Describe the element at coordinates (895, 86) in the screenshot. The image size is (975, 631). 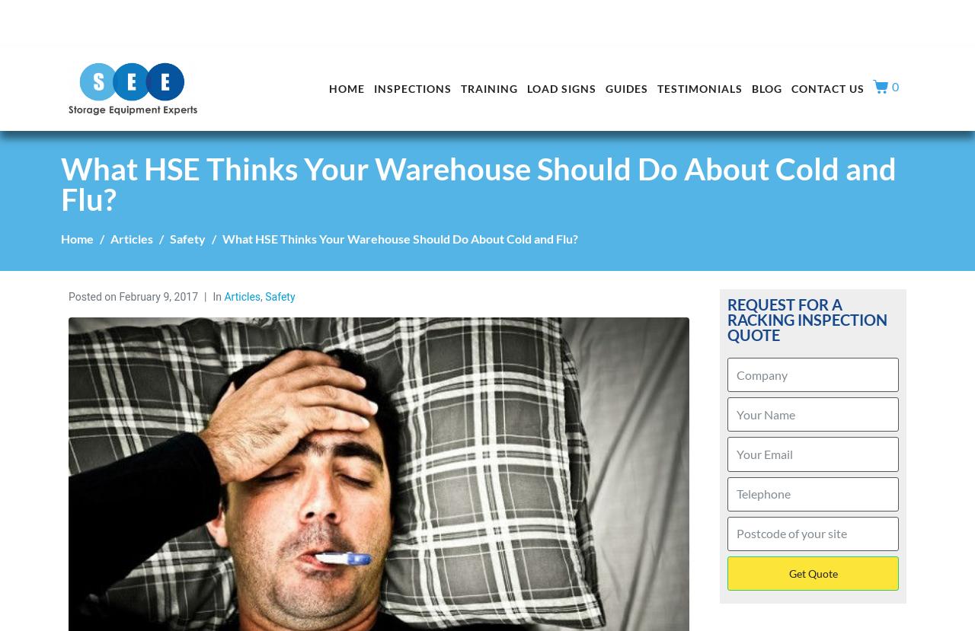
I see `'0'` at that location.